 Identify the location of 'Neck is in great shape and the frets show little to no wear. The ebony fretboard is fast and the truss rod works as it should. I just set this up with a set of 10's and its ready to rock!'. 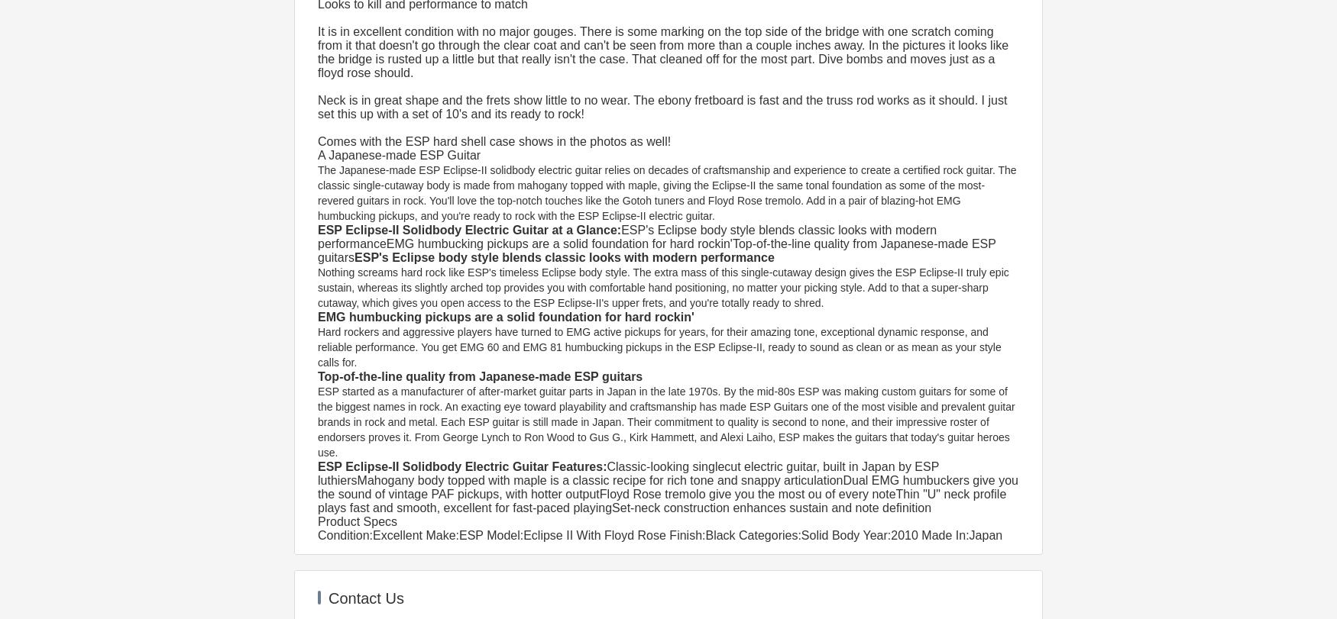
(316, 107).